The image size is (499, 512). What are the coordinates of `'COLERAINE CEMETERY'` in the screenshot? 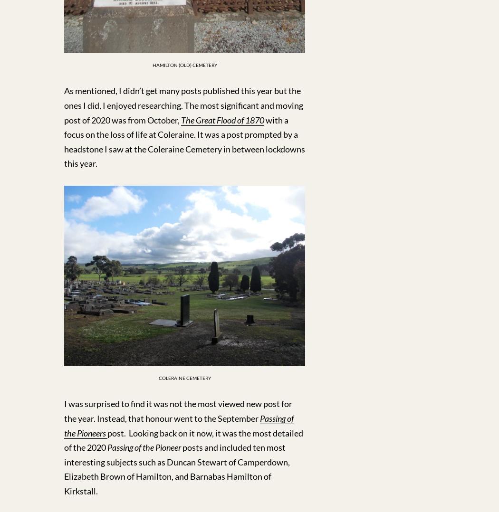 It's located at (158, 377).